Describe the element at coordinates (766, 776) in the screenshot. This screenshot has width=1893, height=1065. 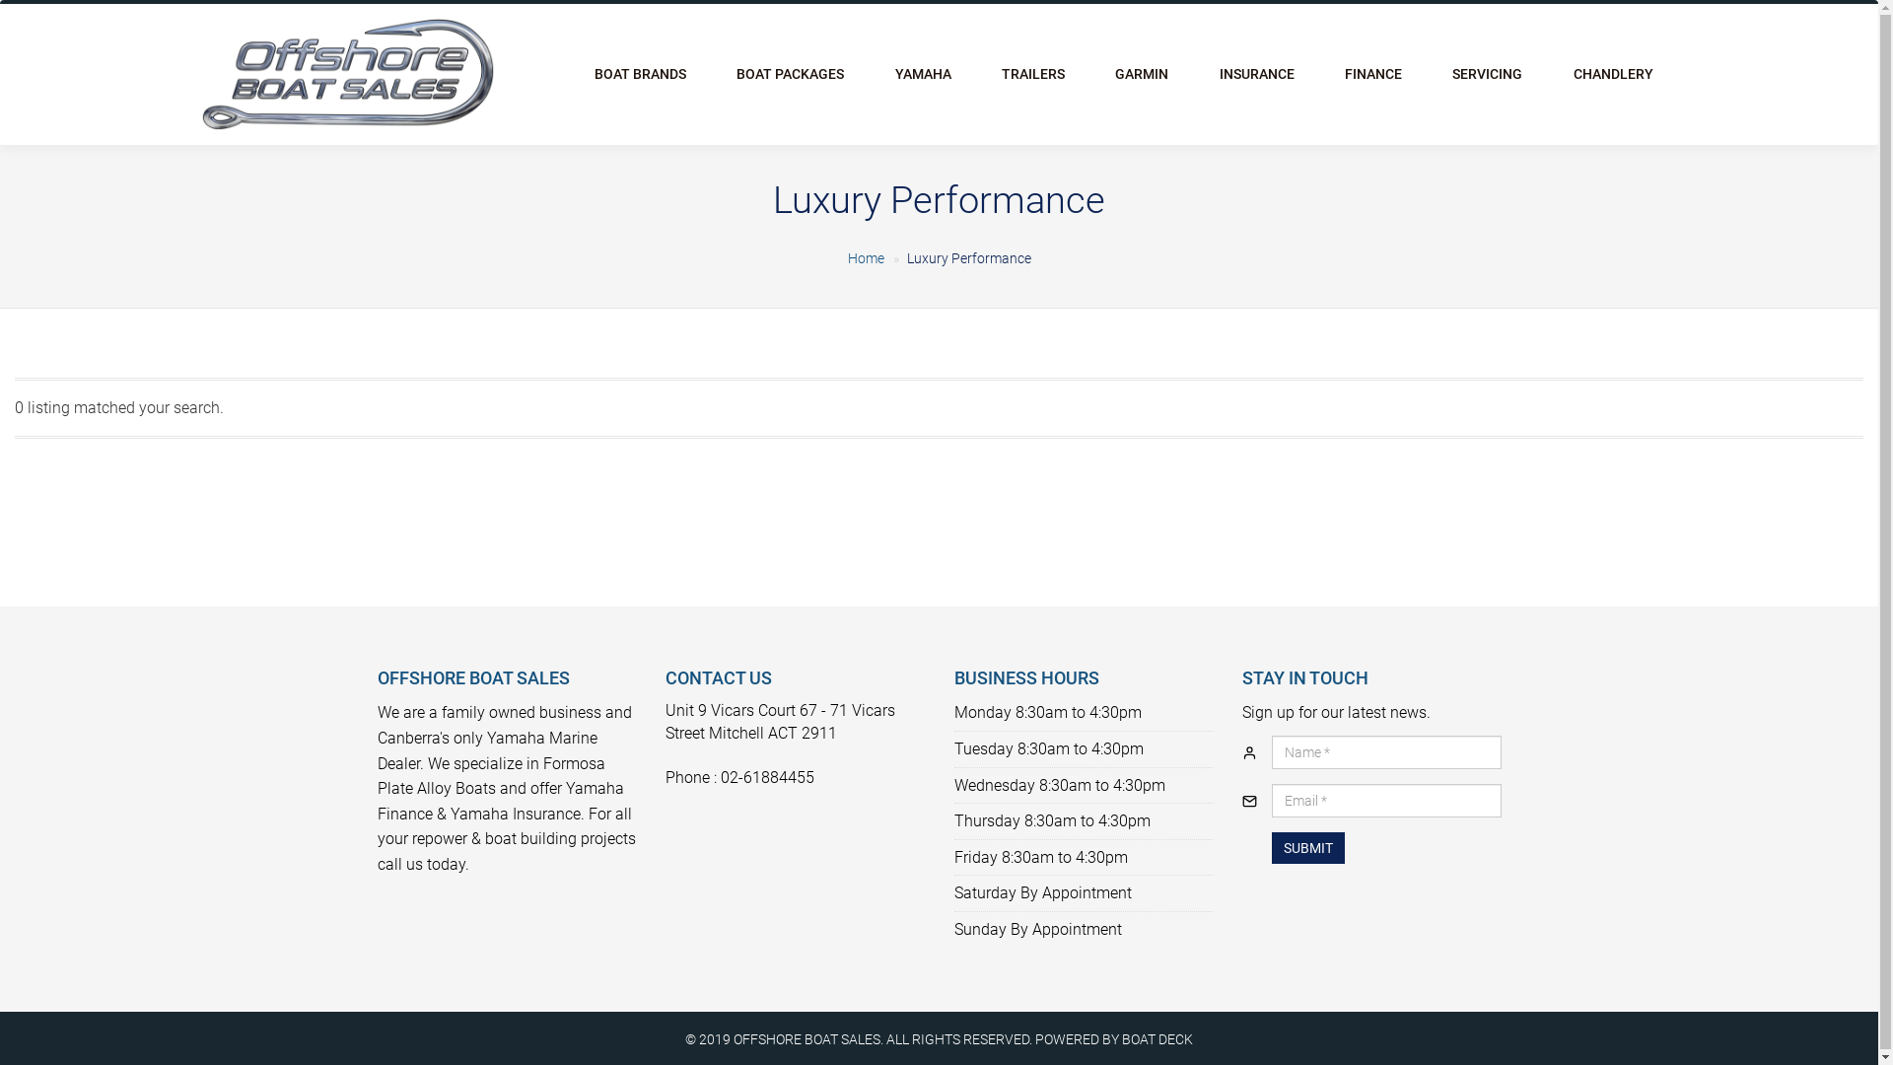
I see `'02-61884455'` at that location.